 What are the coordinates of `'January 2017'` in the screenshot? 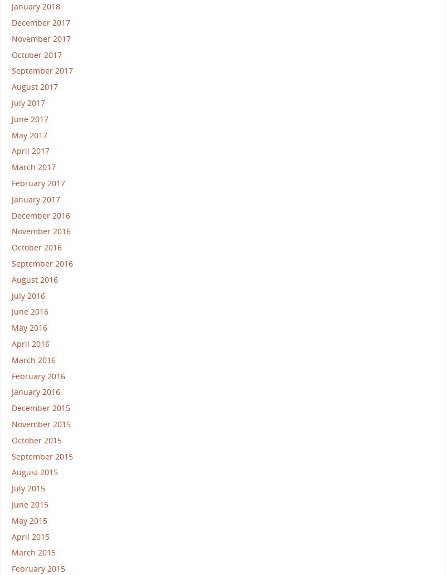 It's located at (35, 198).